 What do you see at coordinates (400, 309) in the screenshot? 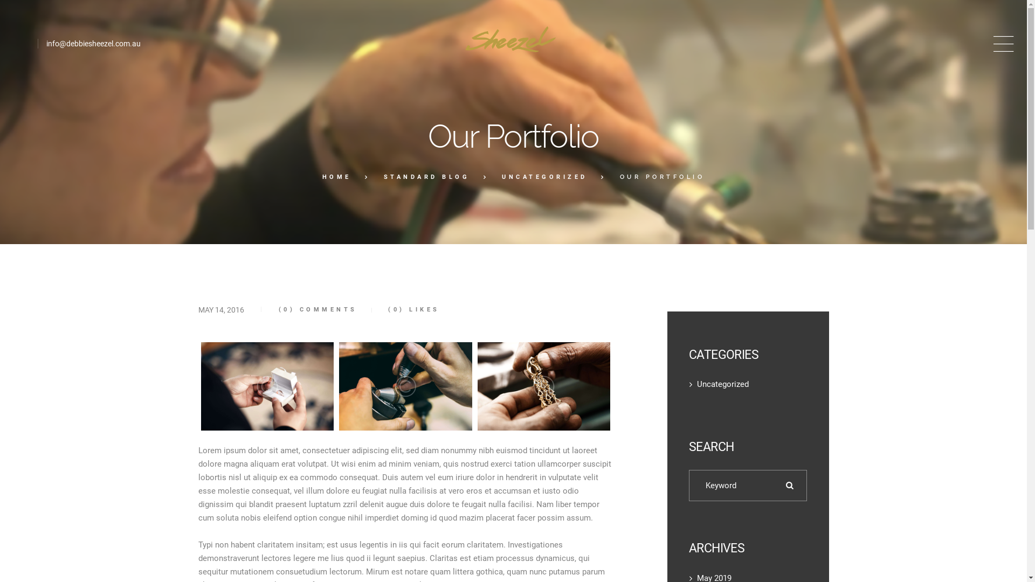
I see `'(0) LIKES'` at bounding box center [400, 309].